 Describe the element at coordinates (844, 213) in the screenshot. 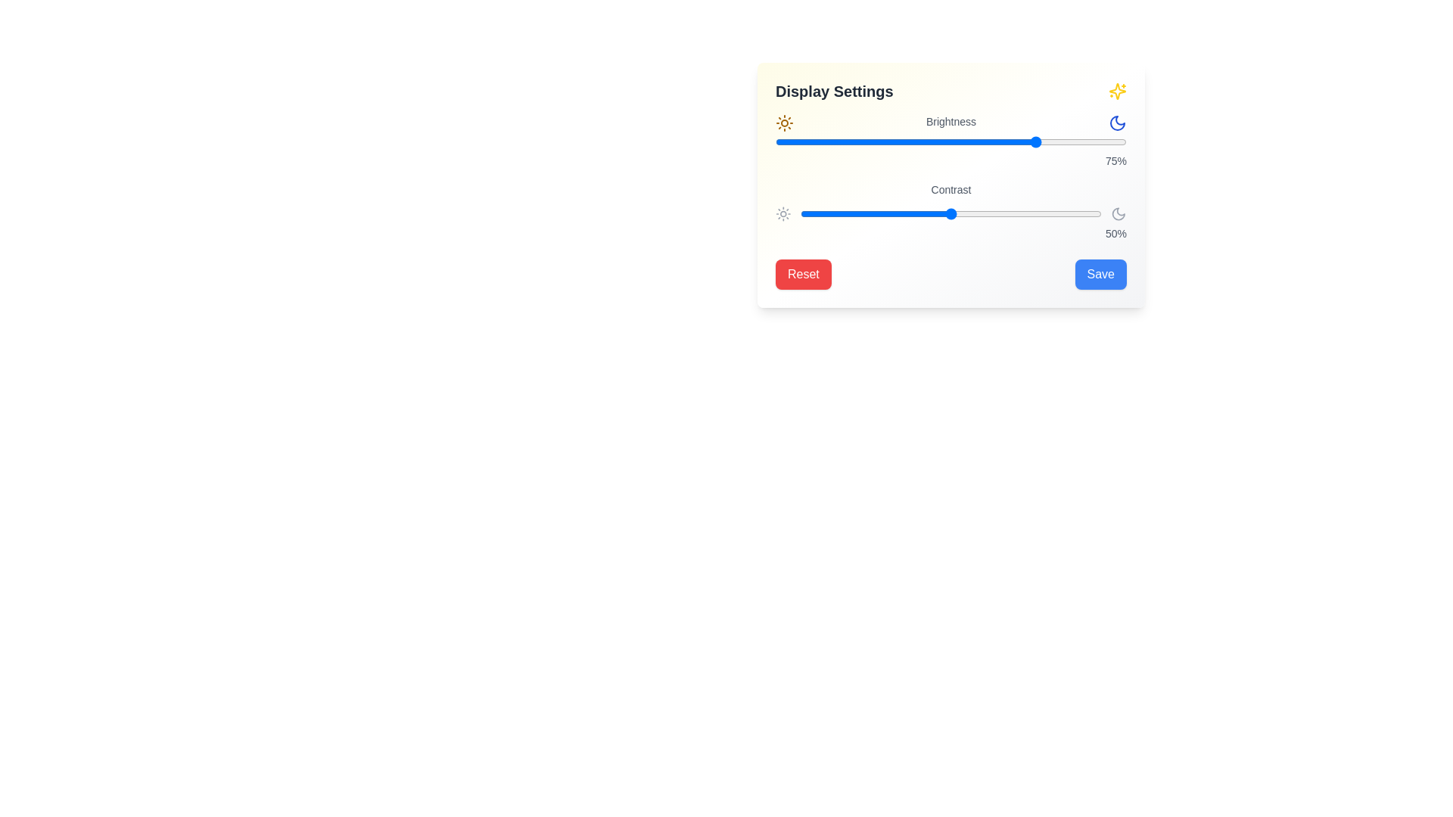

I see `the contrast level` at that location.